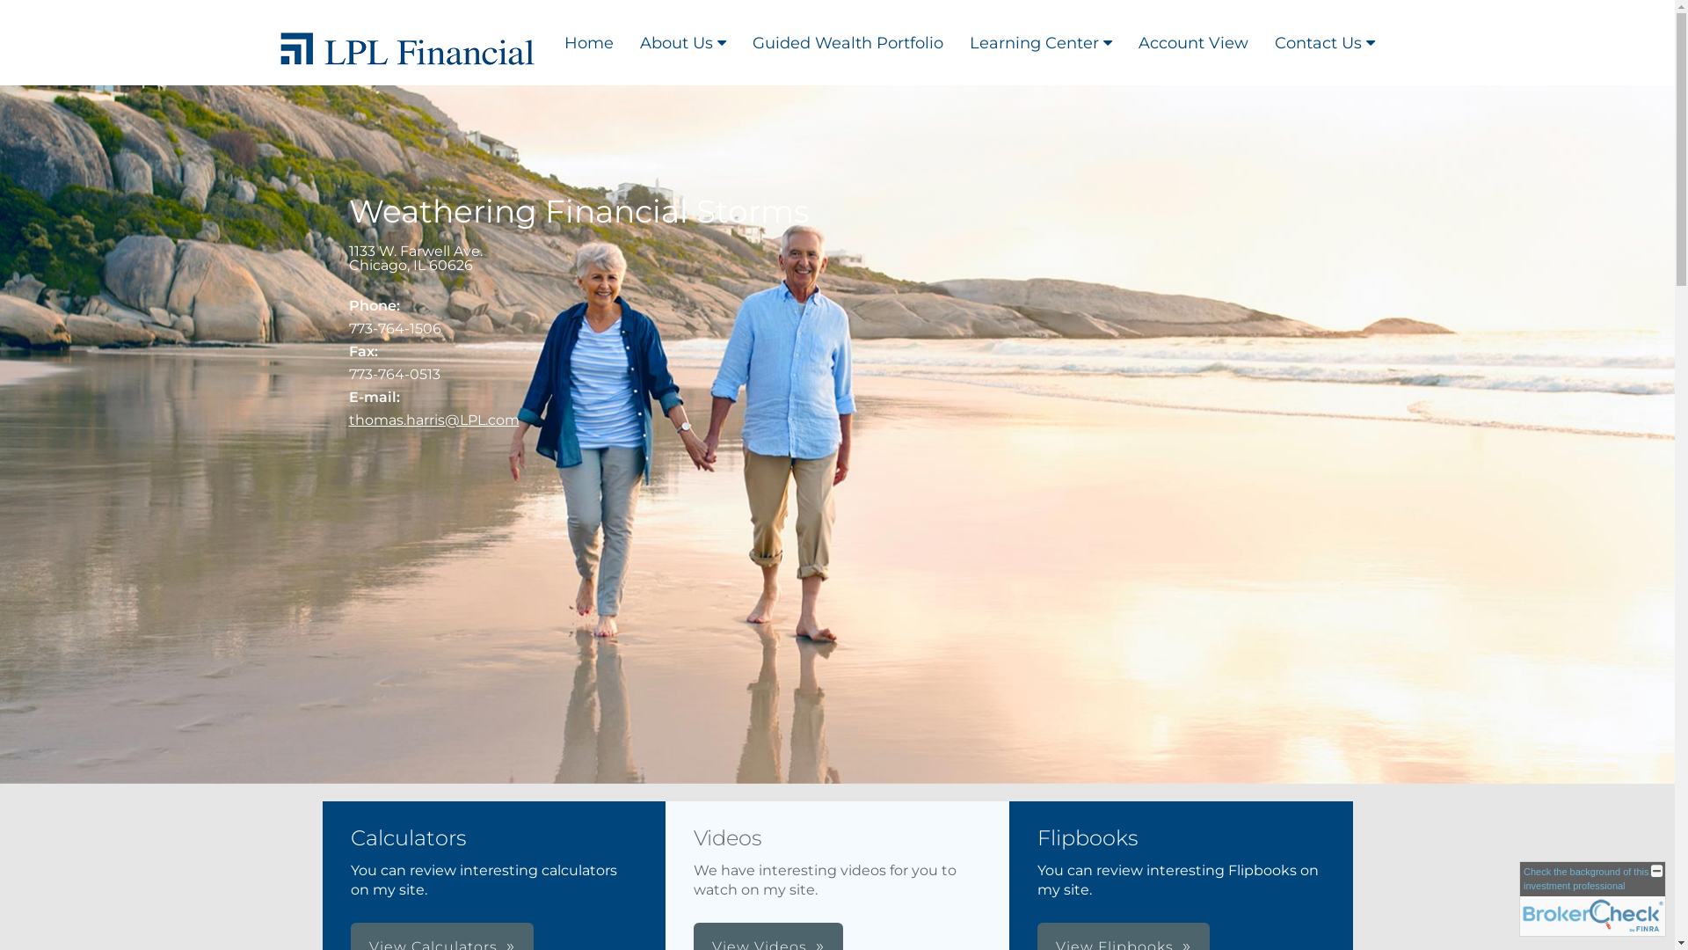 This screenshot has width=1688, height=950. Describe the element at coordinates (549, 40) in the screenshot. I see `'Home'` at that location.